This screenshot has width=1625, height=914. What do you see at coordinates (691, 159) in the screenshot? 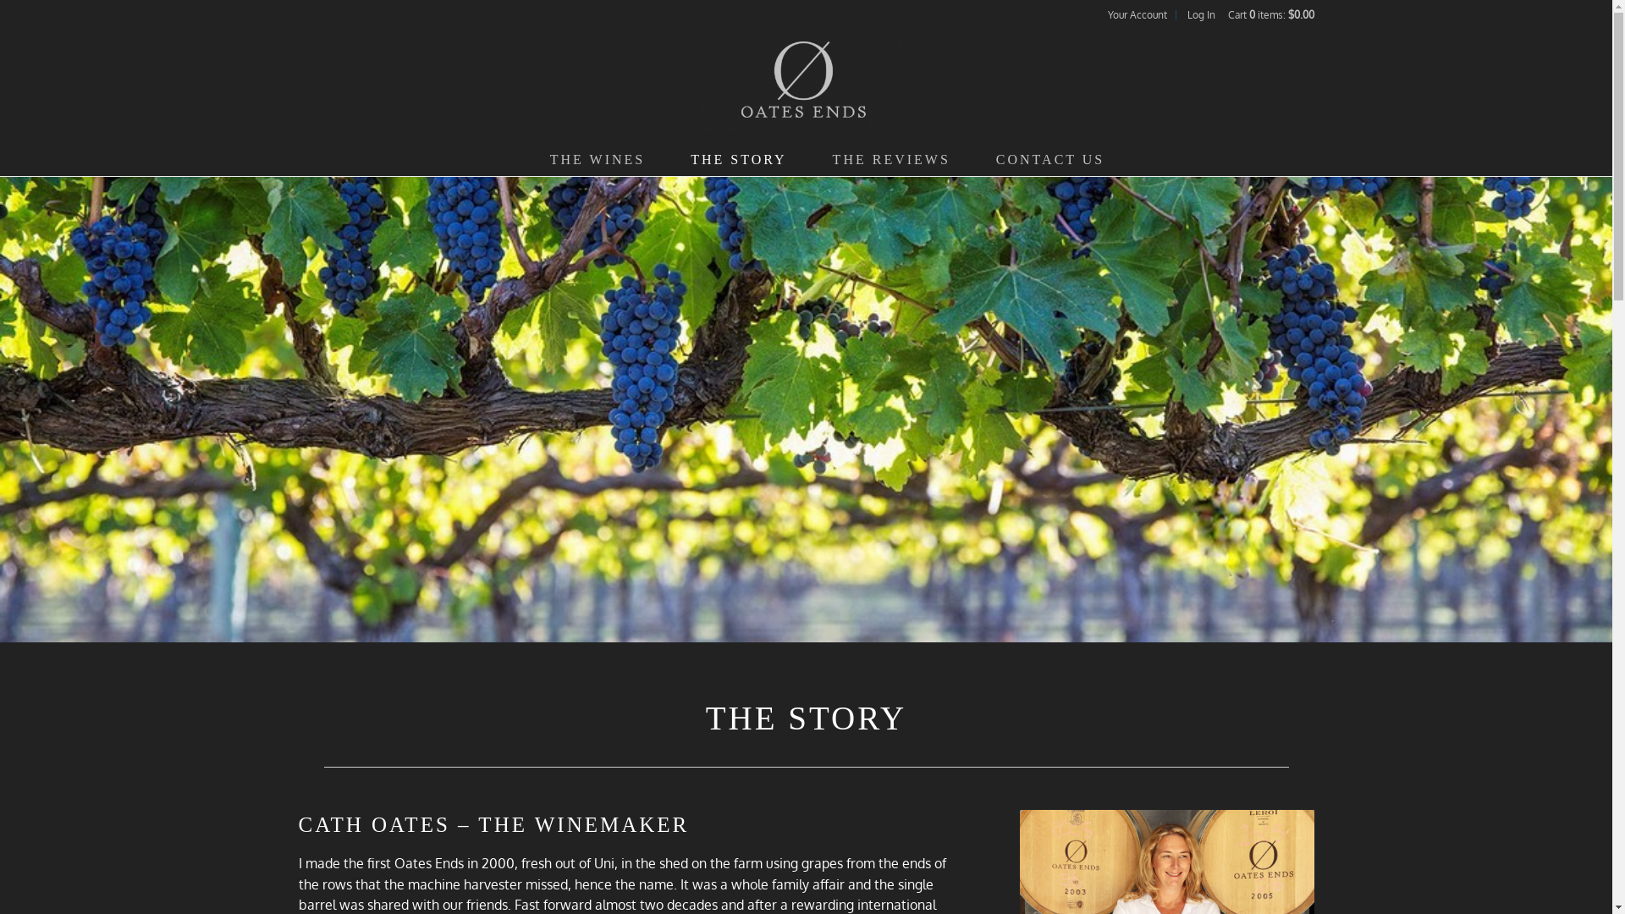
I see `'THE STORY'` at bounding box center [691, 159].